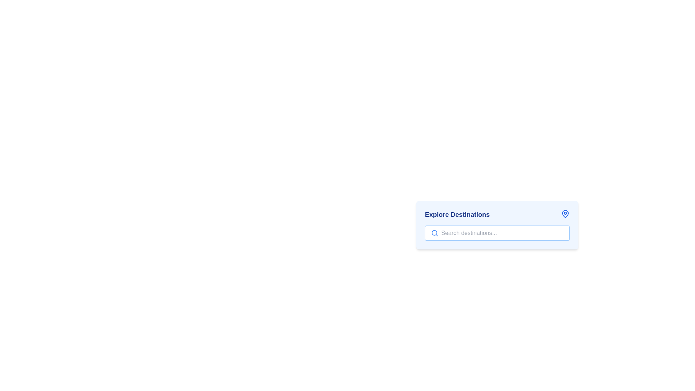 Image resolution: width=695 pixels, height=391 pixels. Describe the element at coordinates (434, 233) in the screenshot. I see `the circular part of the magnifying glass icon in the 'Explore Destinations' section, which serves as a decorative part of the search icon` at that location.